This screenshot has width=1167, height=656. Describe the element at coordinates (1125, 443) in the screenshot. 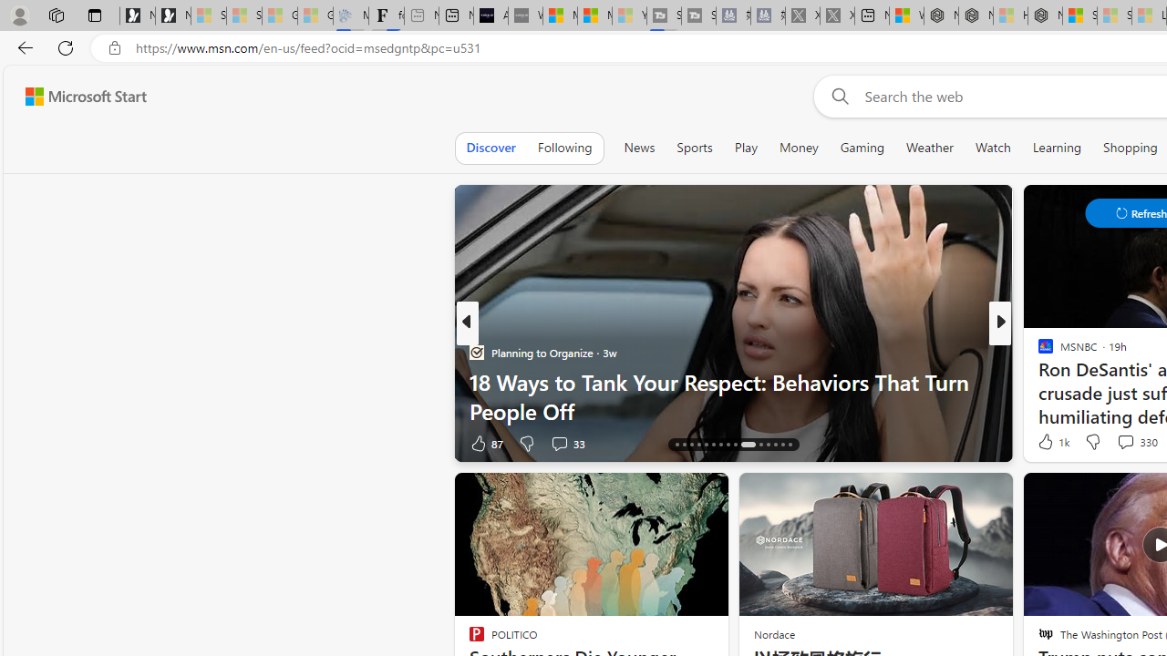

I see `'View comments 1 Comment'` at that location.